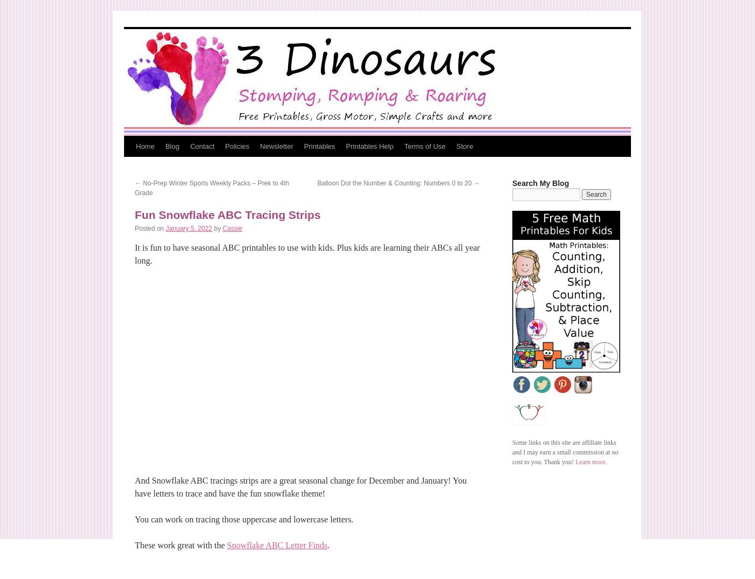 Image resolution: width=755 pixels, height=579 pixels. What do you see at coordinates (590, 462) in the screenshot?
I see `'Learn more'` at bounding box center [590, 462].